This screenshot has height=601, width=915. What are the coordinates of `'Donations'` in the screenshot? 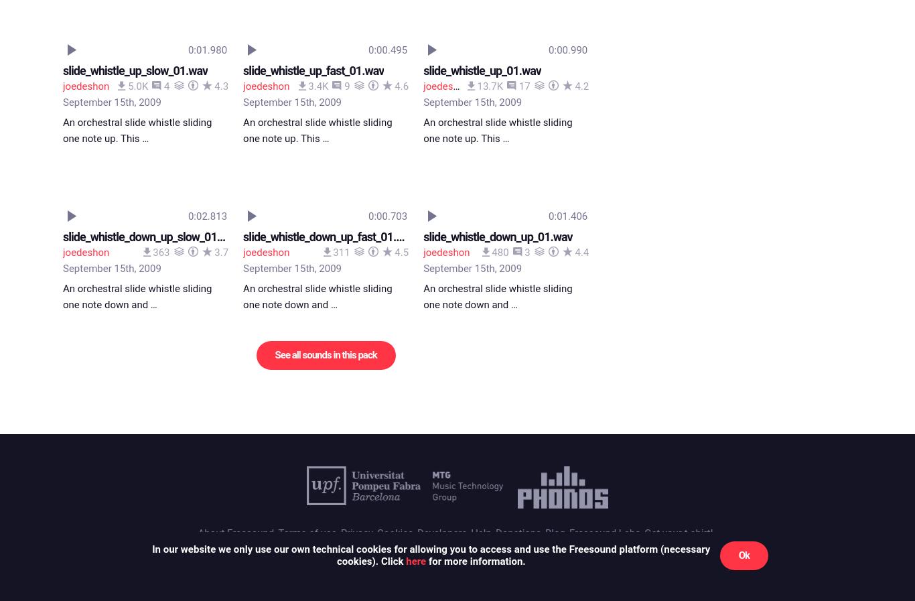 It's located at (518, 21).